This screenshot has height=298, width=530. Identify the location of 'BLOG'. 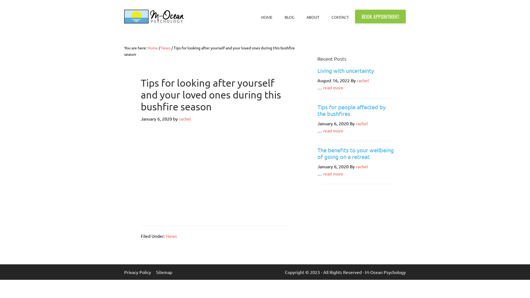
(289, 17).